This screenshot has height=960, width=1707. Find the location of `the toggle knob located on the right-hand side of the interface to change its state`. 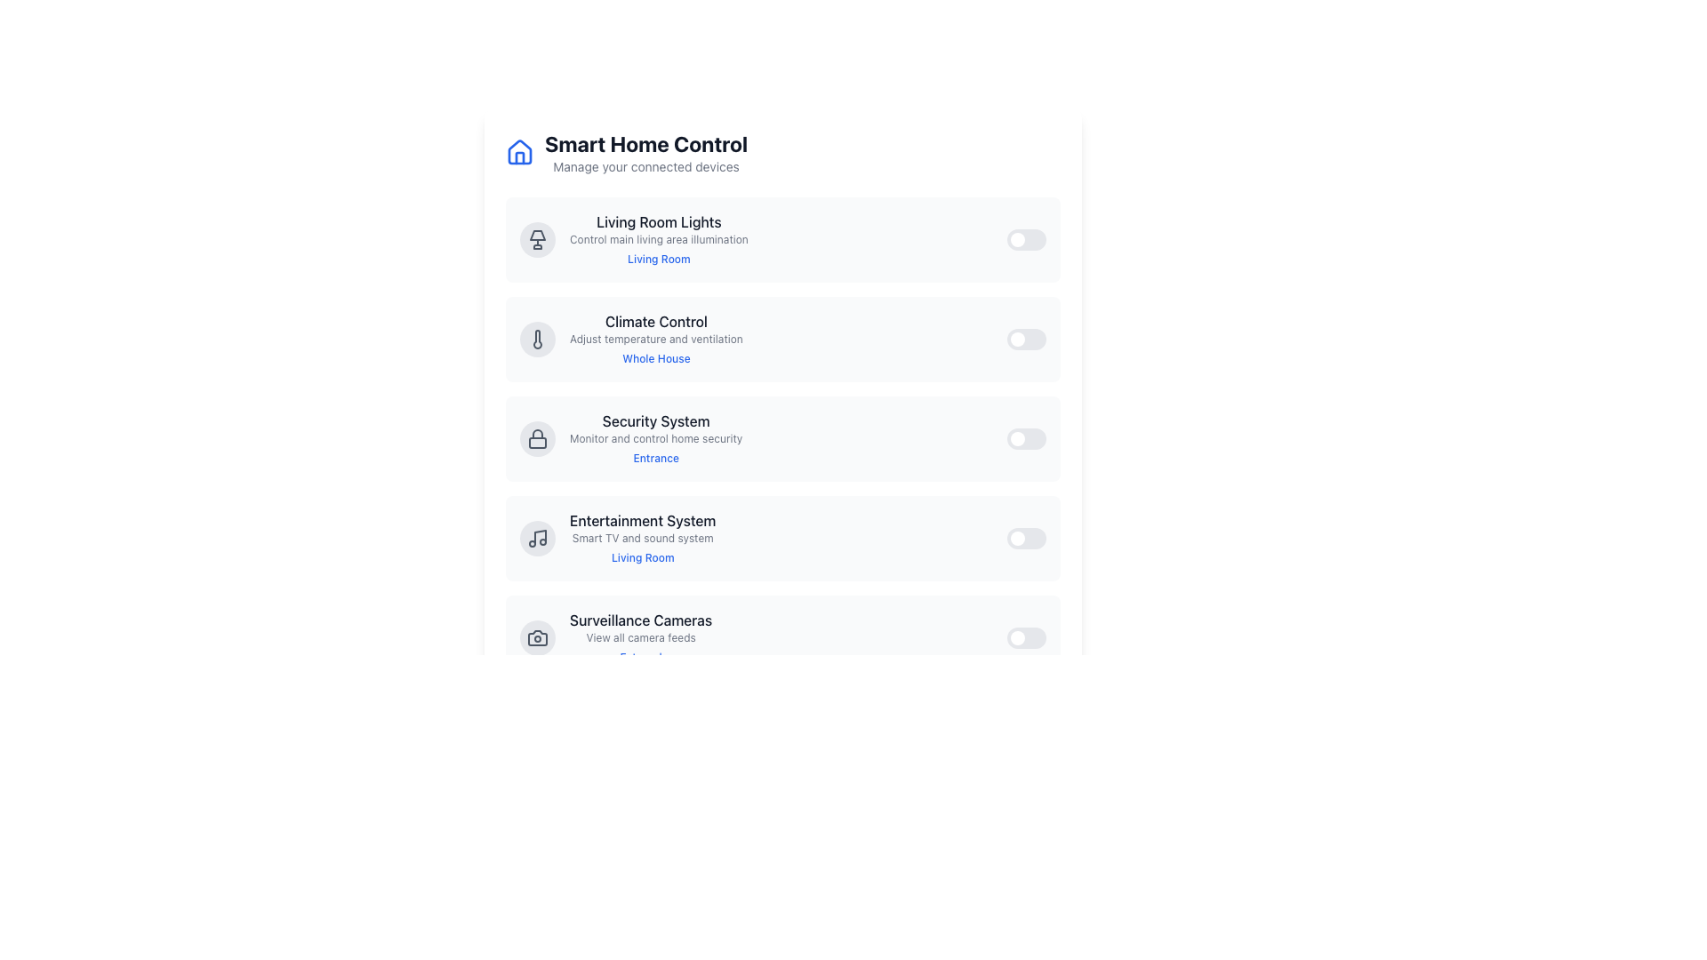

the toggle knob located on the right-hand side of the interface to change its state is located at coordinates (1018, 737).